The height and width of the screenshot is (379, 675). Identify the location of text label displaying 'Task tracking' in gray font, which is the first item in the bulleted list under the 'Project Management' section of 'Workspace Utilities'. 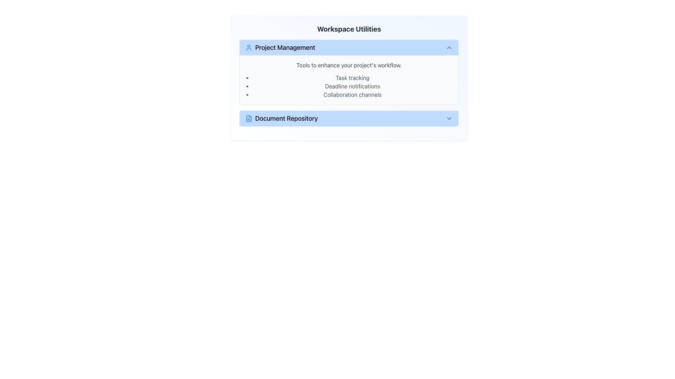
(353, 78).